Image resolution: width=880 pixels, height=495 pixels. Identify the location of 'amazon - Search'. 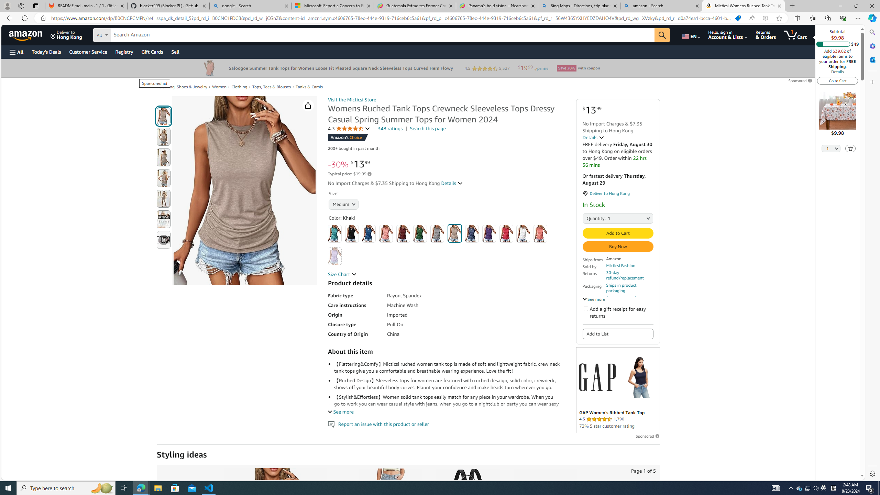
(661, 5).